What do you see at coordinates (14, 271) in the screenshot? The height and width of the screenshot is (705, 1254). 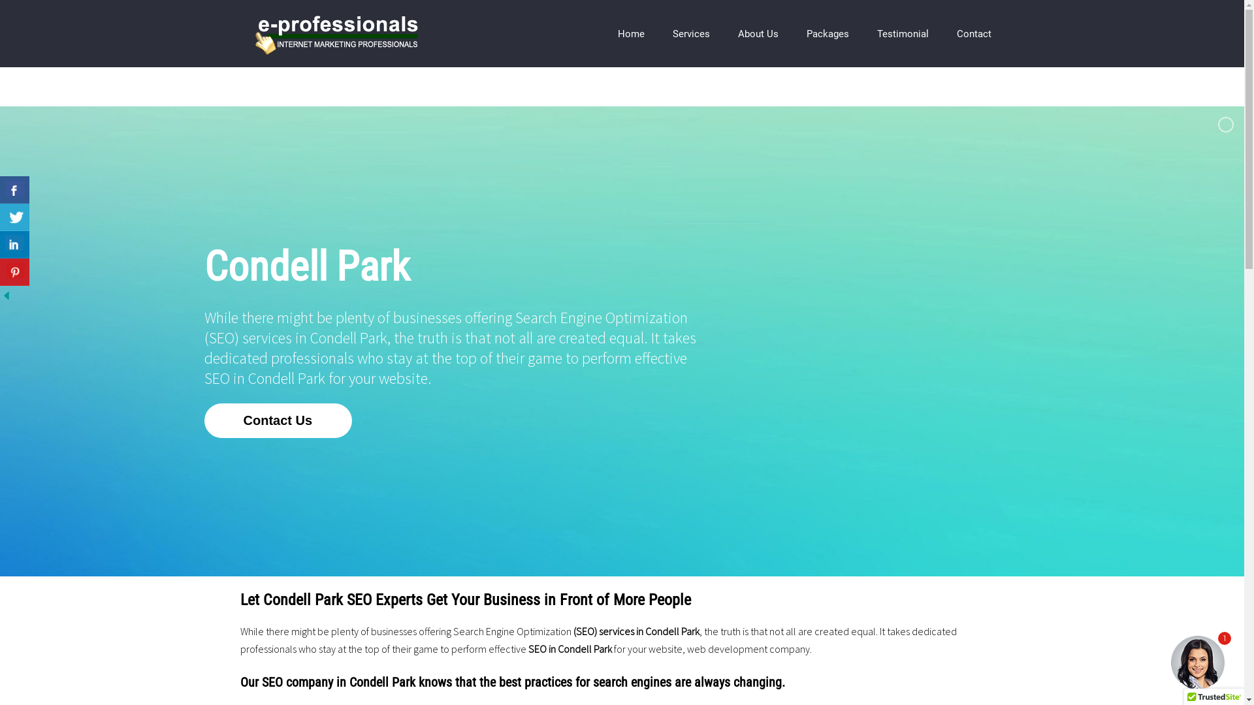 I see `'Share On Pinterest'` at bounding box center [14, 271].